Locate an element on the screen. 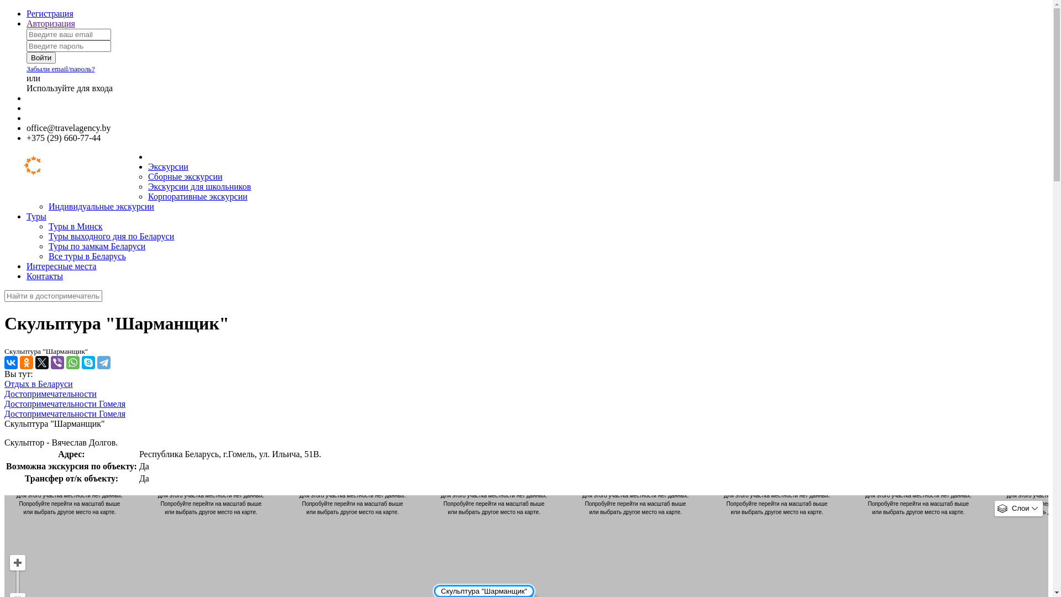  'Skype' is located at coordinates (87, 362).